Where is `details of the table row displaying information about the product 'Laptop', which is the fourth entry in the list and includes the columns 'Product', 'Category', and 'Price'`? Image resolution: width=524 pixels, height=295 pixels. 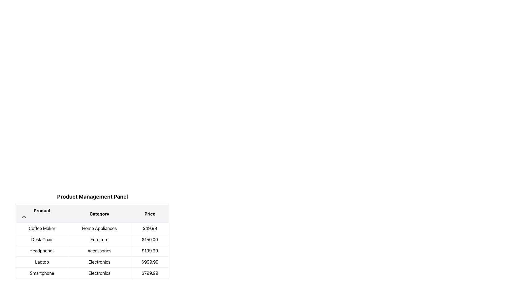 details of the table row displaying information about the product 'Laptop', which is the fourth entry in the list and includes the columns 'Product', 'Category', and 'Price' is located at coordinates (93, 262).